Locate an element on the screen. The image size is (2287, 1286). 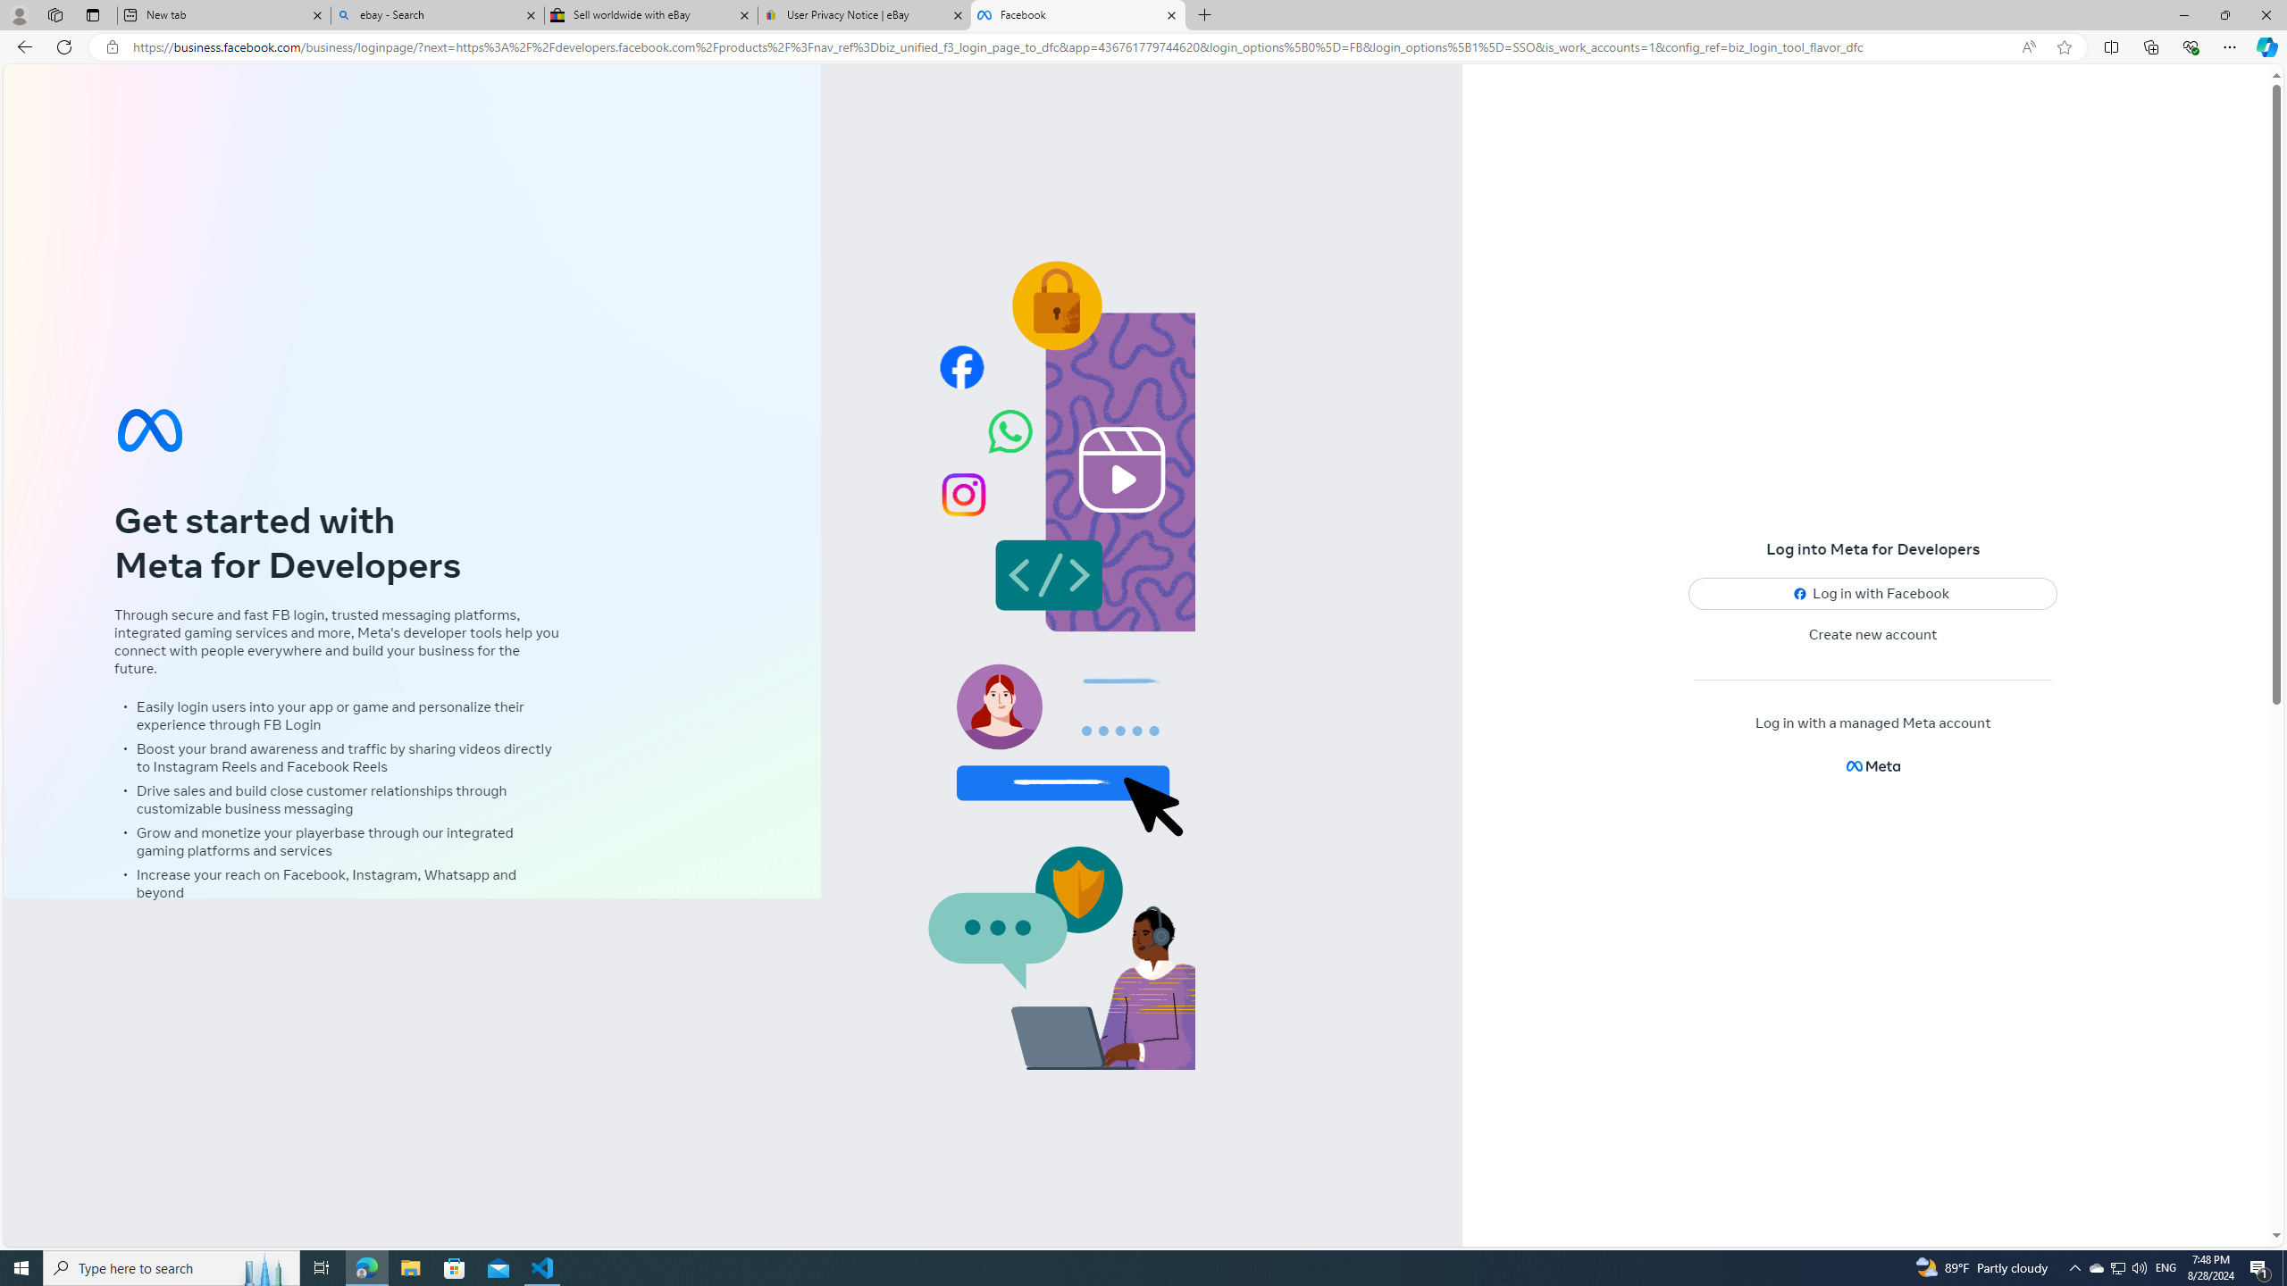
'Address and search bar' is located at coordinates (1070, 47).